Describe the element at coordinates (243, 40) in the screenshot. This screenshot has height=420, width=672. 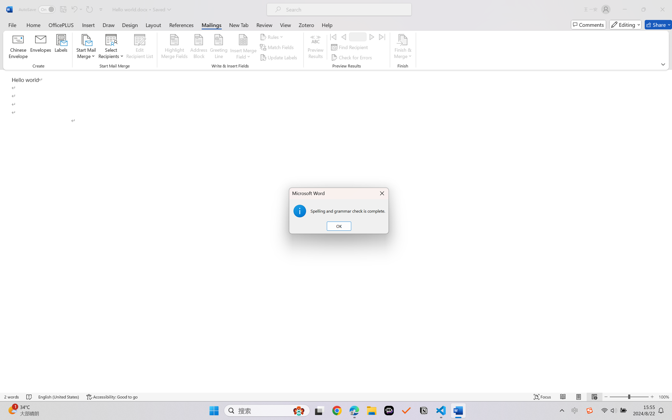
I see `'Insert Merge Field'` at that location.